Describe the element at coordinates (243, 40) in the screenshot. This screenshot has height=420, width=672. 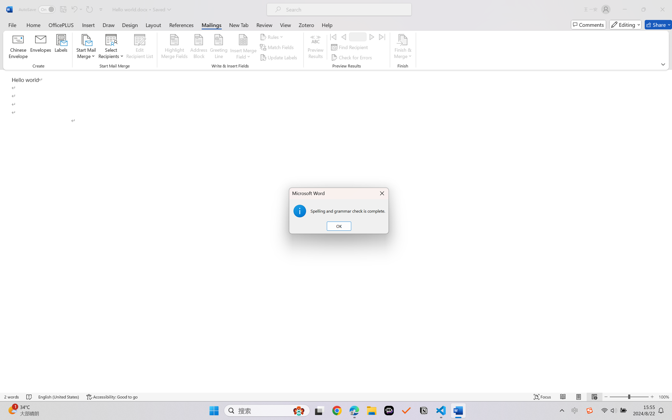
I see `'Insert Merge Field'` at that location.